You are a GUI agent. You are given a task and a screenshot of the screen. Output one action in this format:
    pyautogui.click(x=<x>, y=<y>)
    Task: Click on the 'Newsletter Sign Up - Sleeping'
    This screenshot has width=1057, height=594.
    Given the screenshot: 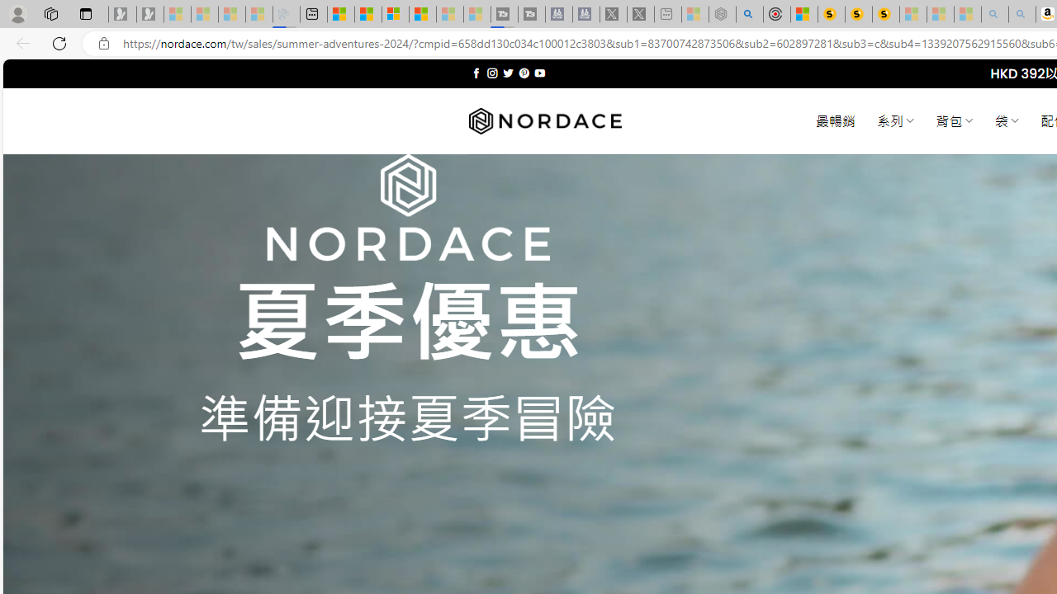 What is the action you would take?
    pyautogui.click(x=150, y=14)
    